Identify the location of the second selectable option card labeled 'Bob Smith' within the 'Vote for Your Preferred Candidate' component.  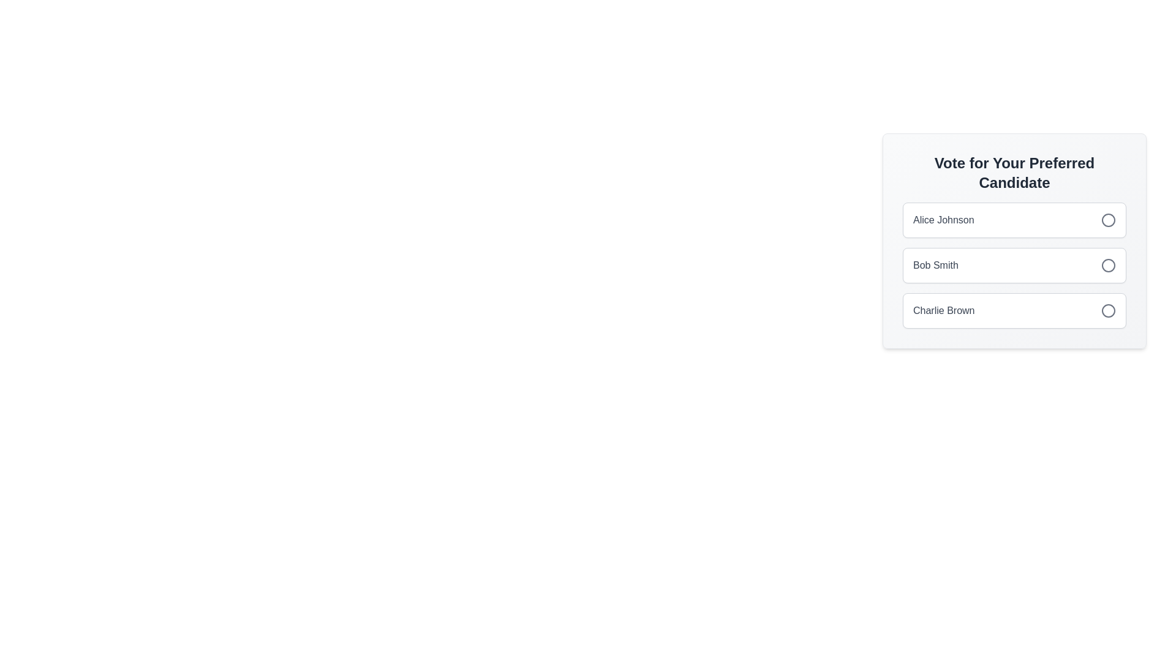
(1014, 265).